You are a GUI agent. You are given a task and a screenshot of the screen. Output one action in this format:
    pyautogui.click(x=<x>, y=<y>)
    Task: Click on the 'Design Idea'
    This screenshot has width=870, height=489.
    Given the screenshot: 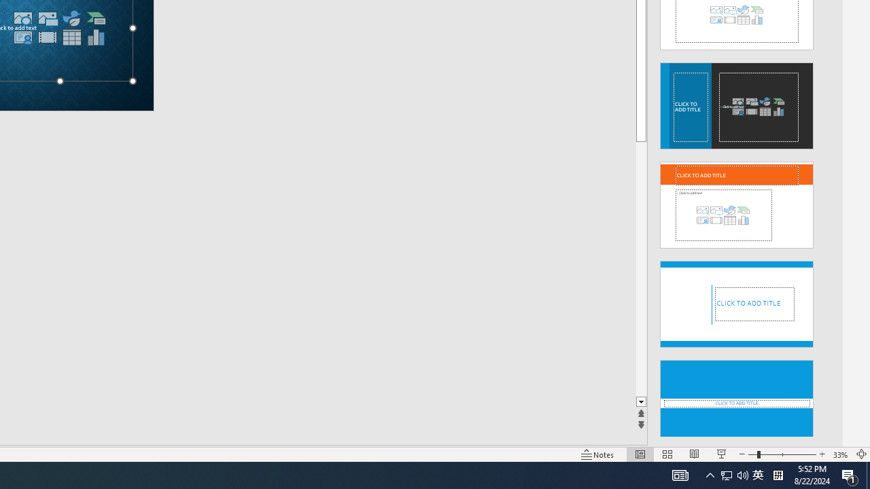 What is the action you would take?
    pyautogui.click(x=736, y=398)
    